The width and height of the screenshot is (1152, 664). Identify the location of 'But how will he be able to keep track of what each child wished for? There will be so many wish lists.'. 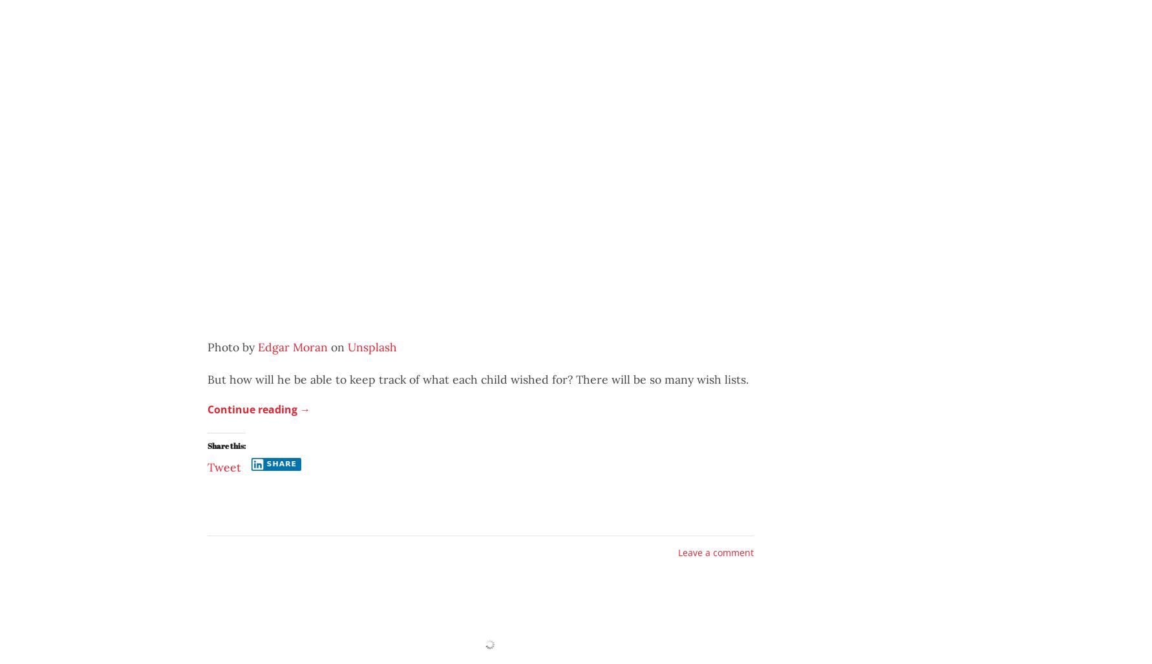
(478, 378).